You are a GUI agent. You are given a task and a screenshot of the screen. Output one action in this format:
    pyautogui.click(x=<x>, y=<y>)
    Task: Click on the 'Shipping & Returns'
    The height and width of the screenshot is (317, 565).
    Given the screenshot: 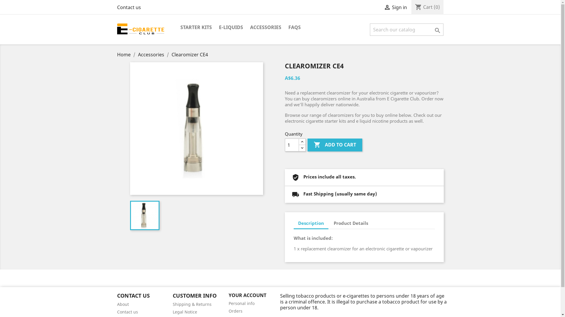 What is the action you would take?
    pyautogui.click(x=172, y=304)
    